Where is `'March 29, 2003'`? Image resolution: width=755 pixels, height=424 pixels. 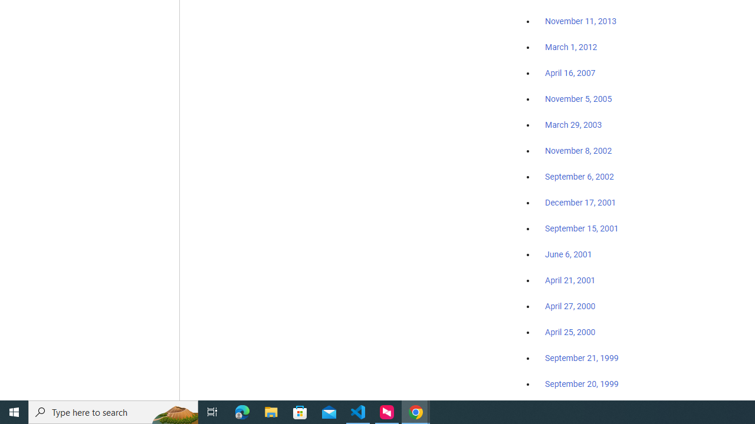
'March 29, 2003' is located at coordinates (573, 125).